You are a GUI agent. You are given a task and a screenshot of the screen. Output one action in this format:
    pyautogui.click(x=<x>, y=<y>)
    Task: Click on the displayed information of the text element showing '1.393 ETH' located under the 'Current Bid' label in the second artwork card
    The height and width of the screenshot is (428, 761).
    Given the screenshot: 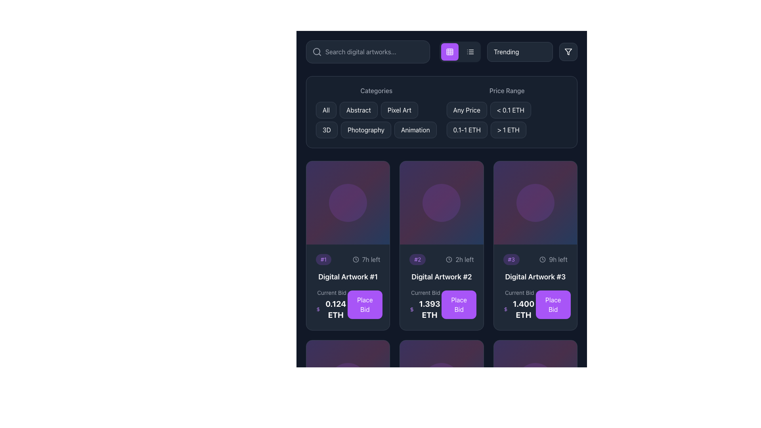 What is the action you would take?
    pyautogui.click(x=425, y=309)
    